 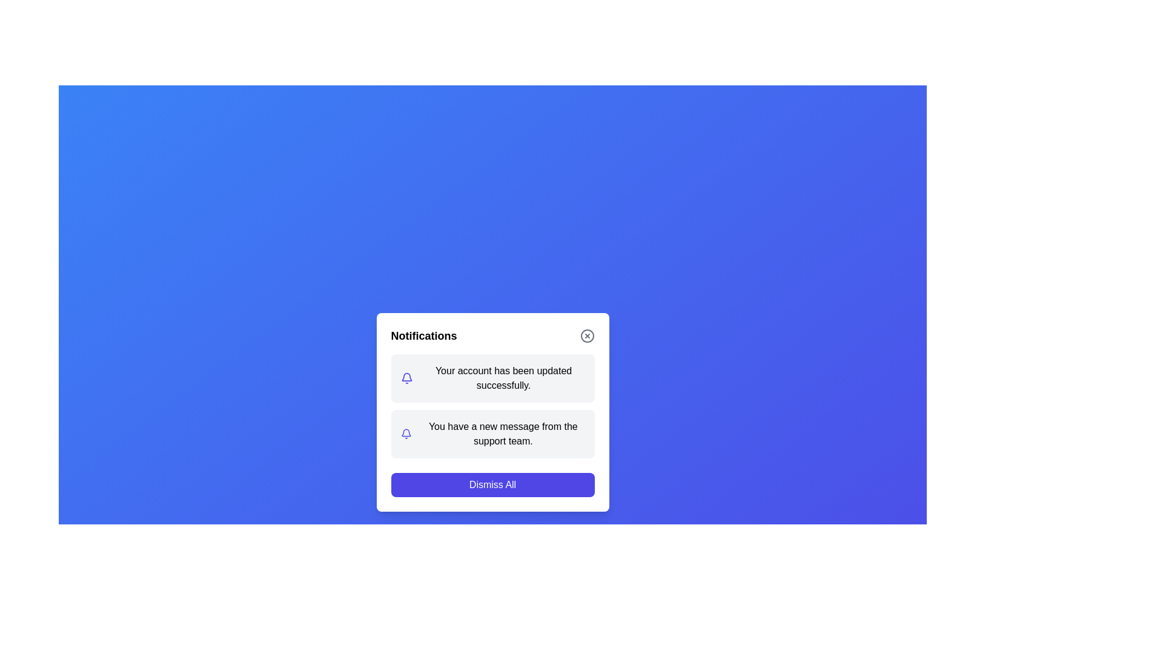 What do you see at coordinates (406, 376) in the screenshot?
I see `the notification bell icon shape within the SVG graphic representation, located in the lower-center portion of the interface` at bounding box center [406, 376].